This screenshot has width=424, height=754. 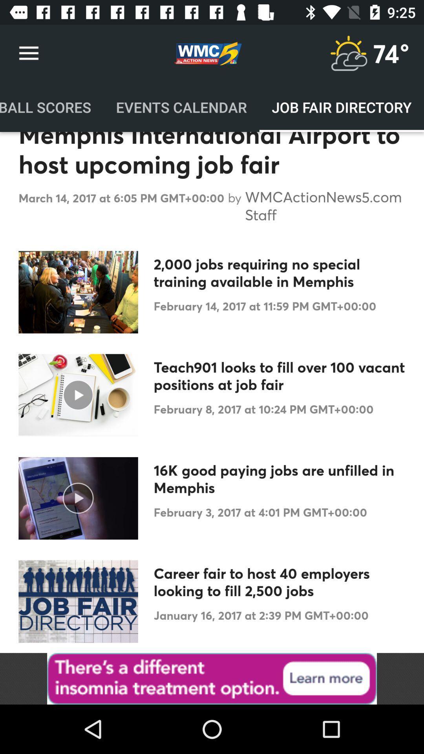 I want to click on learn more option, so click(x=212, y=678).